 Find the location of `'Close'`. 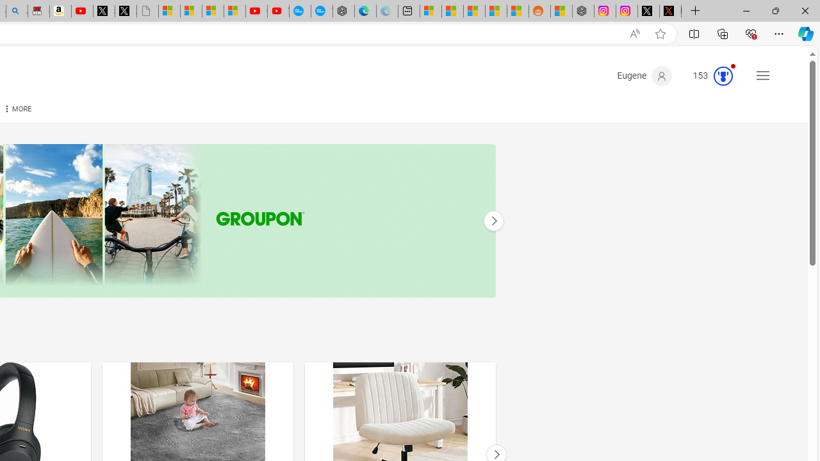

'Close' is located at coordinates (804, 10).